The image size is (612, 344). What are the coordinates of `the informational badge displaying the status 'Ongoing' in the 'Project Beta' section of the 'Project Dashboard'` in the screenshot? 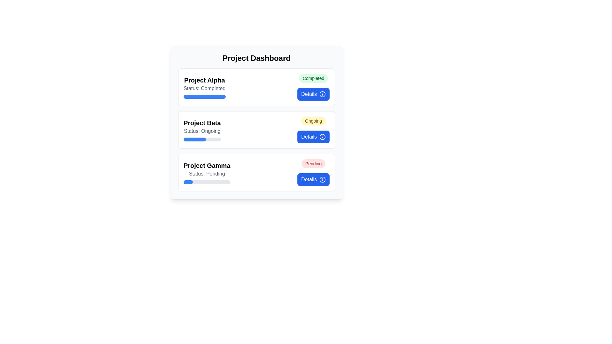 It's located at (313, 121).